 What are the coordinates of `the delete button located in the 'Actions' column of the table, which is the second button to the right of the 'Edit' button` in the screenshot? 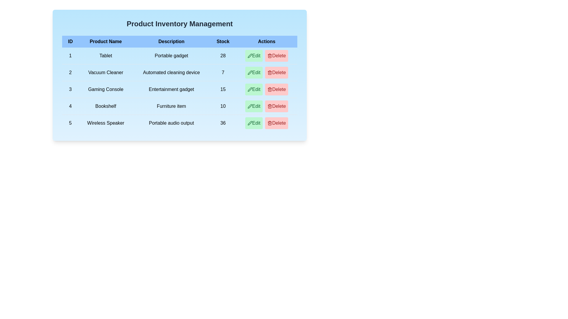 It's located at (276, 56).